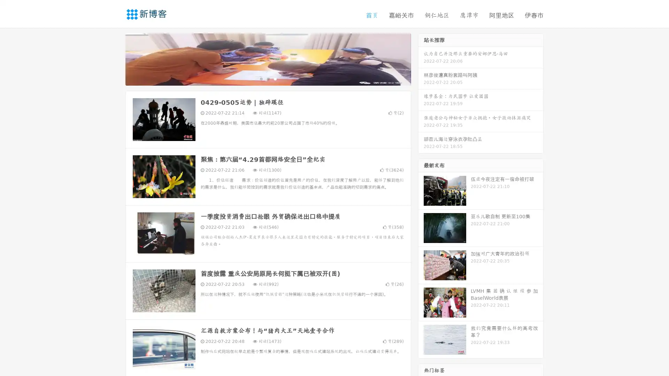  What do you see at coordinates (261, 78) in the screenshot?
I see `Go to slide 1` at bounding box center [261, 78].